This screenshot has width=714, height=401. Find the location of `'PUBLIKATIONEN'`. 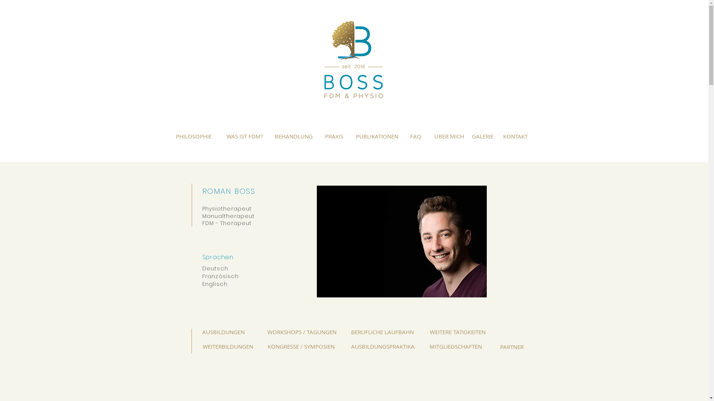

'PUBLIKATIONEN' is located at coordinates (376, 136).